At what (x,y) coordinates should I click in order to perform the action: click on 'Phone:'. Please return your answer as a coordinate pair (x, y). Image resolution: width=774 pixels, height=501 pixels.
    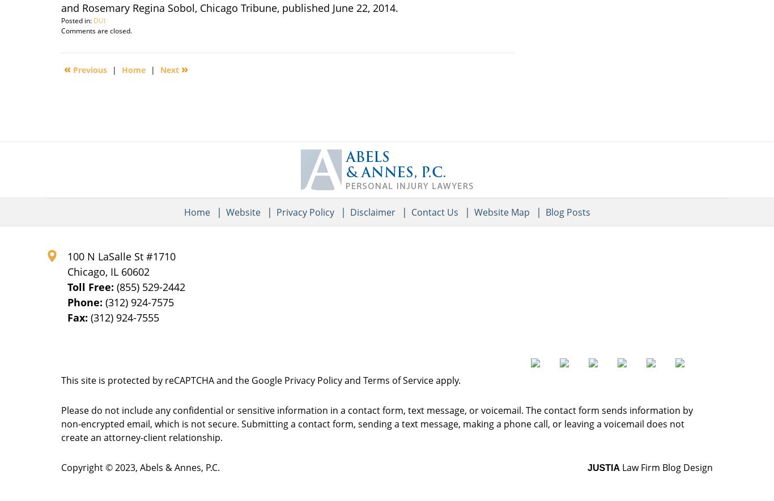
    Looking at the image, I should click on (86, 301).